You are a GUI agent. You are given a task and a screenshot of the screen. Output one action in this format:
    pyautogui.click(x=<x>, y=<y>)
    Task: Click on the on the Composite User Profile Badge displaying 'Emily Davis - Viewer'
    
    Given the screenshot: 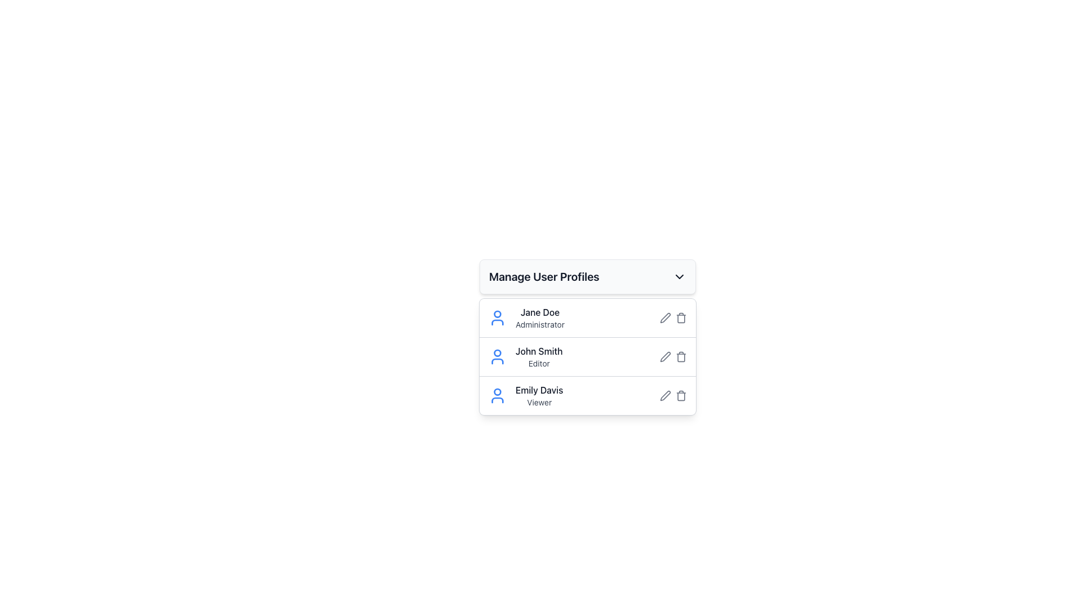 What is the action you would take?
    pyautogui.click(x=525, y=395)
    